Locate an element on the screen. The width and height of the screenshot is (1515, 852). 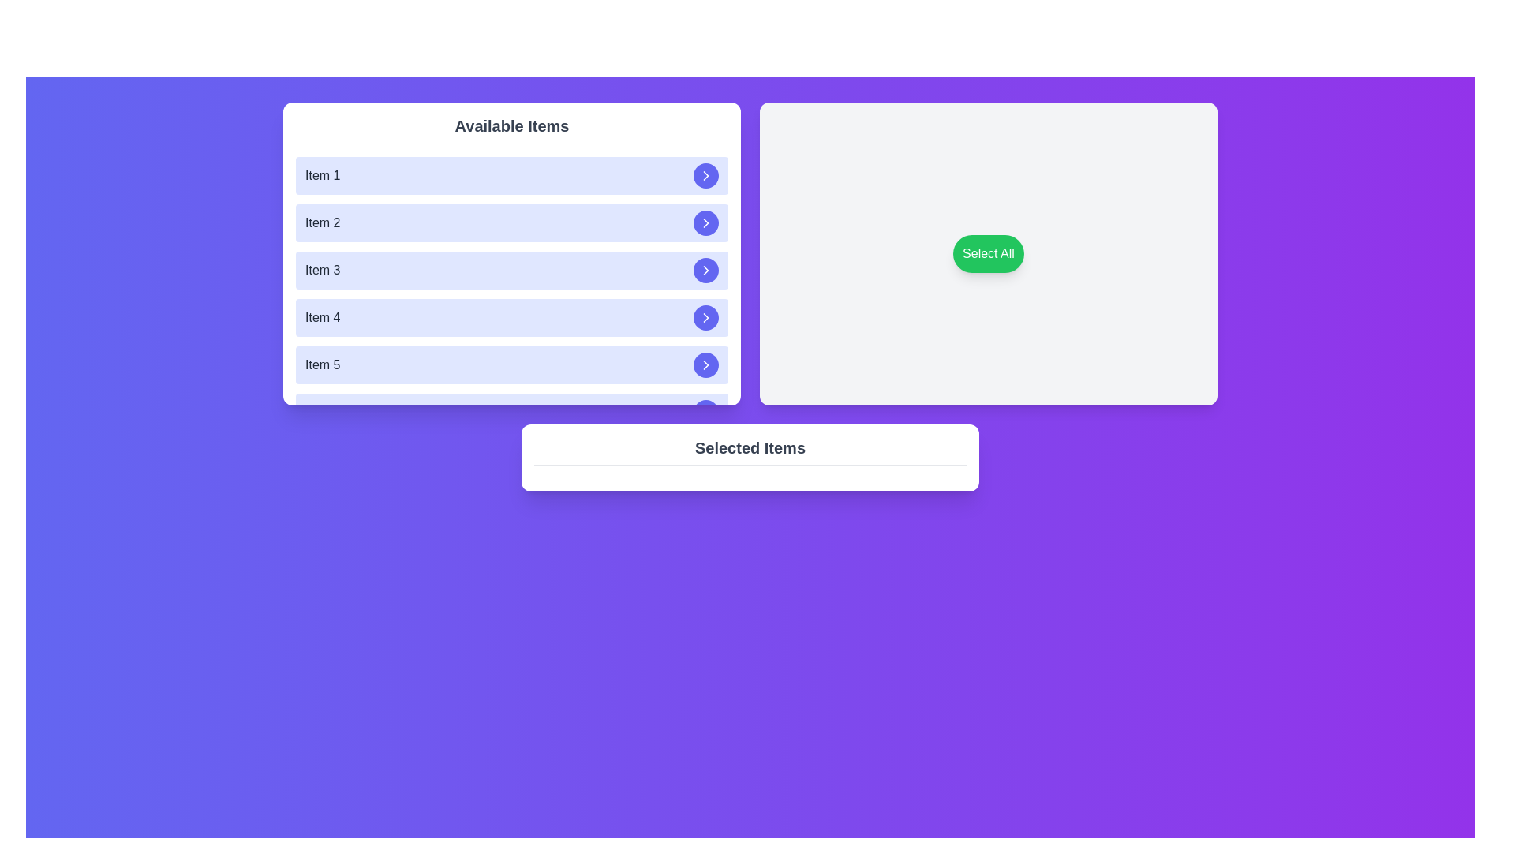
the button related to 'Item 2' is located at coordinates (705, 222).